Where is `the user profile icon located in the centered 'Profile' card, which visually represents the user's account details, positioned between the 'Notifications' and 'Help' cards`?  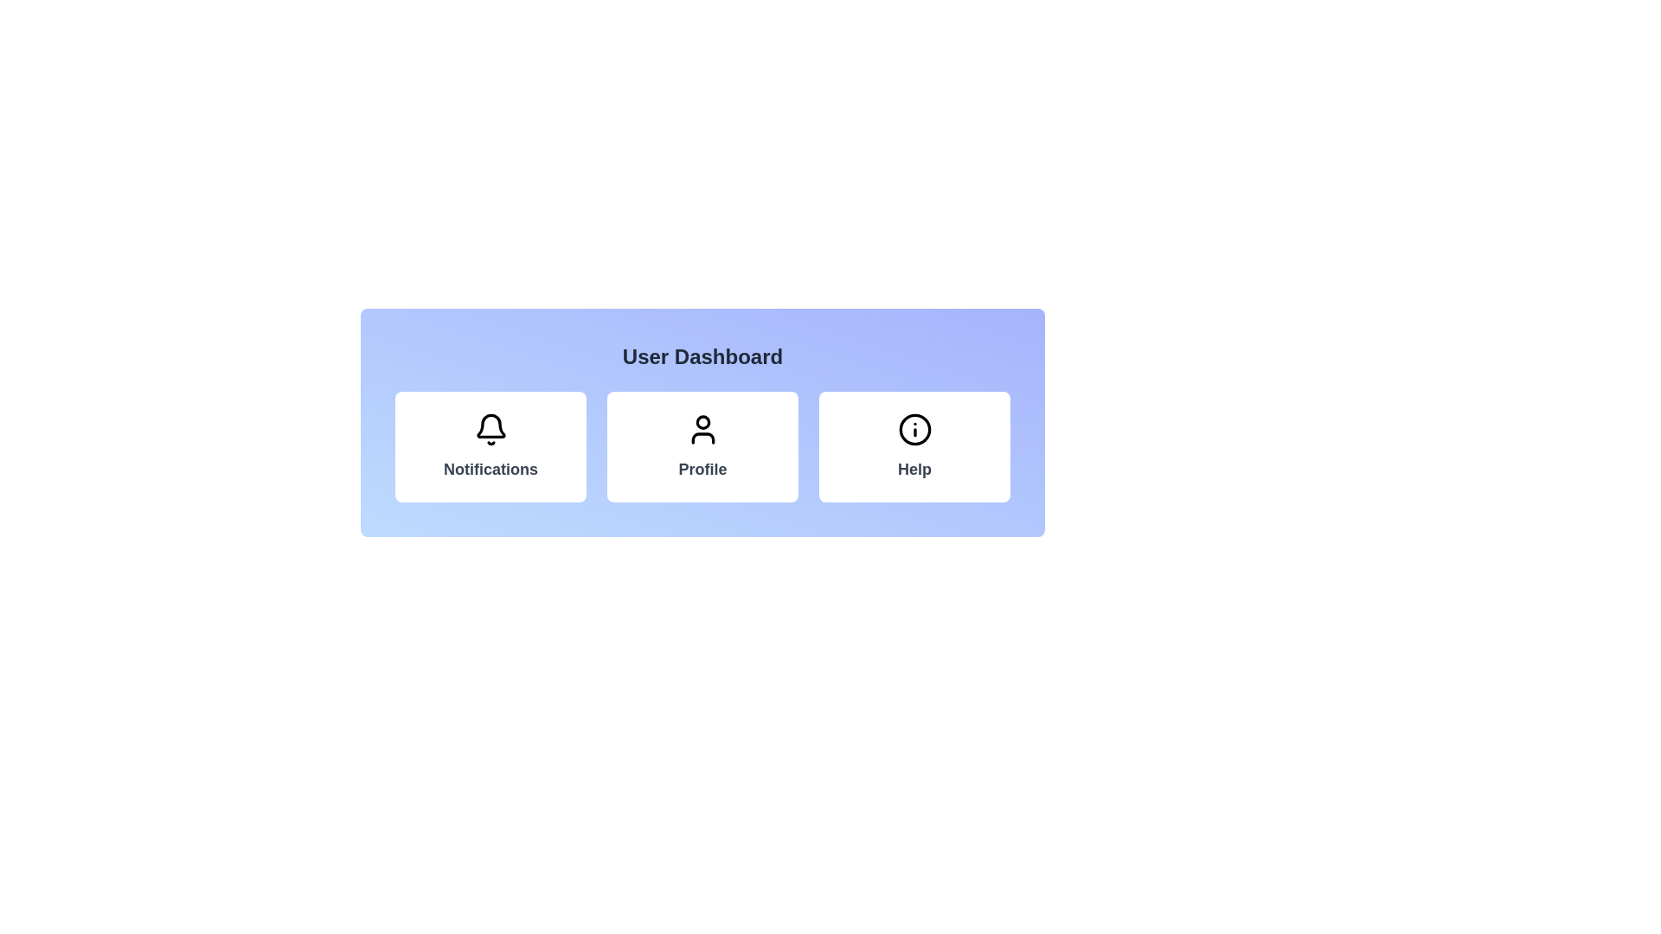
the user profile icon located in the centered 'Profile' card, which visually represents the user's account details, positioned between the 'Notifications' and 'Help' cards is located at coordinates (702, 429).